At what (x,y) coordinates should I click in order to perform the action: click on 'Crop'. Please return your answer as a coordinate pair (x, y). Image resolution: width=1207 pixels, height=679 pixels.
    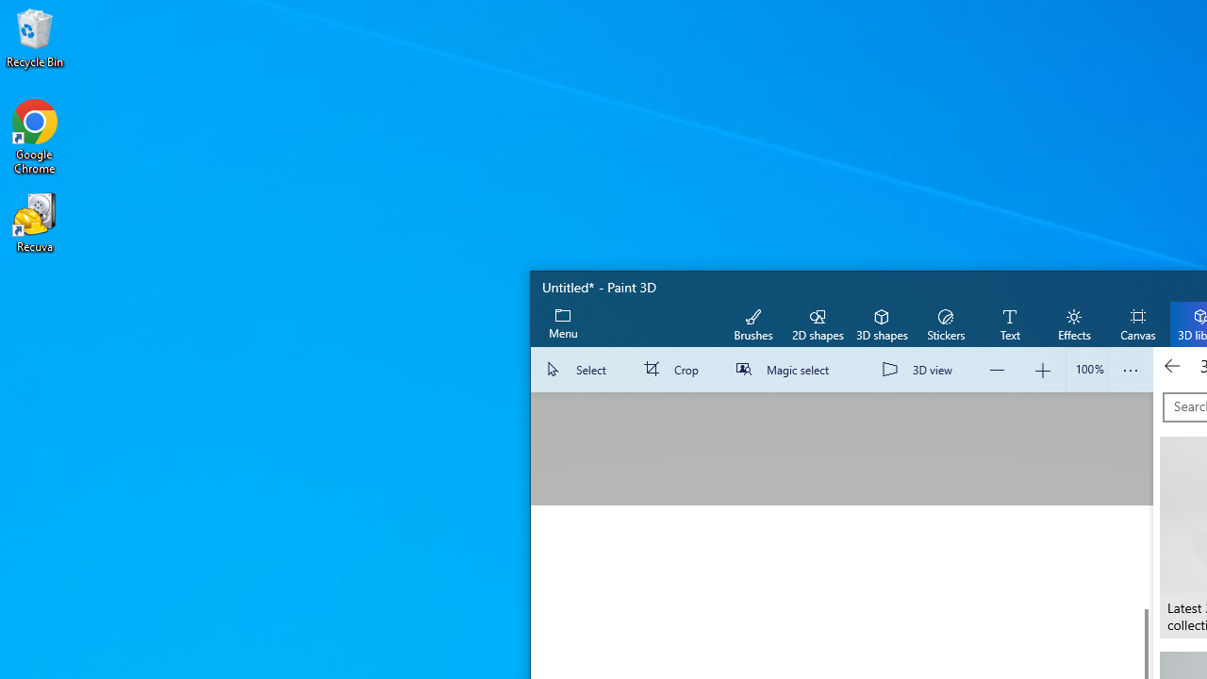
    Looking at the image, I should click on (675, 370).